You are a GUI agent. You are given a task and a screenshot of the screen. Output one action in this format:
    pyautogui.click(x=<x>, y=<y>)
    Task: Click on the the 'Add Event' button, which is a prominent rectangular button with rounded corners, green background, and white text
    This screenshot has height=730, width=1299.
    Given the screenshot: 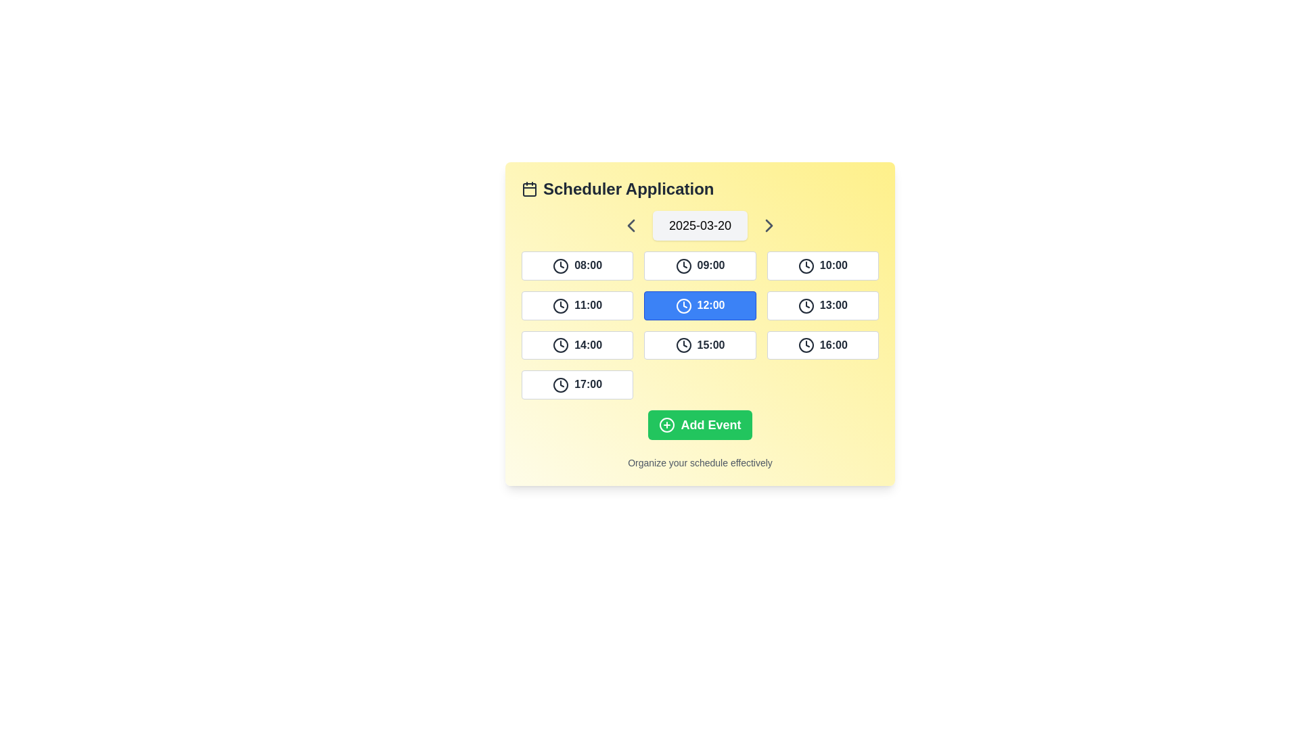 What is the action you would take?
    pyautogui.click(x=700, y=424)
    